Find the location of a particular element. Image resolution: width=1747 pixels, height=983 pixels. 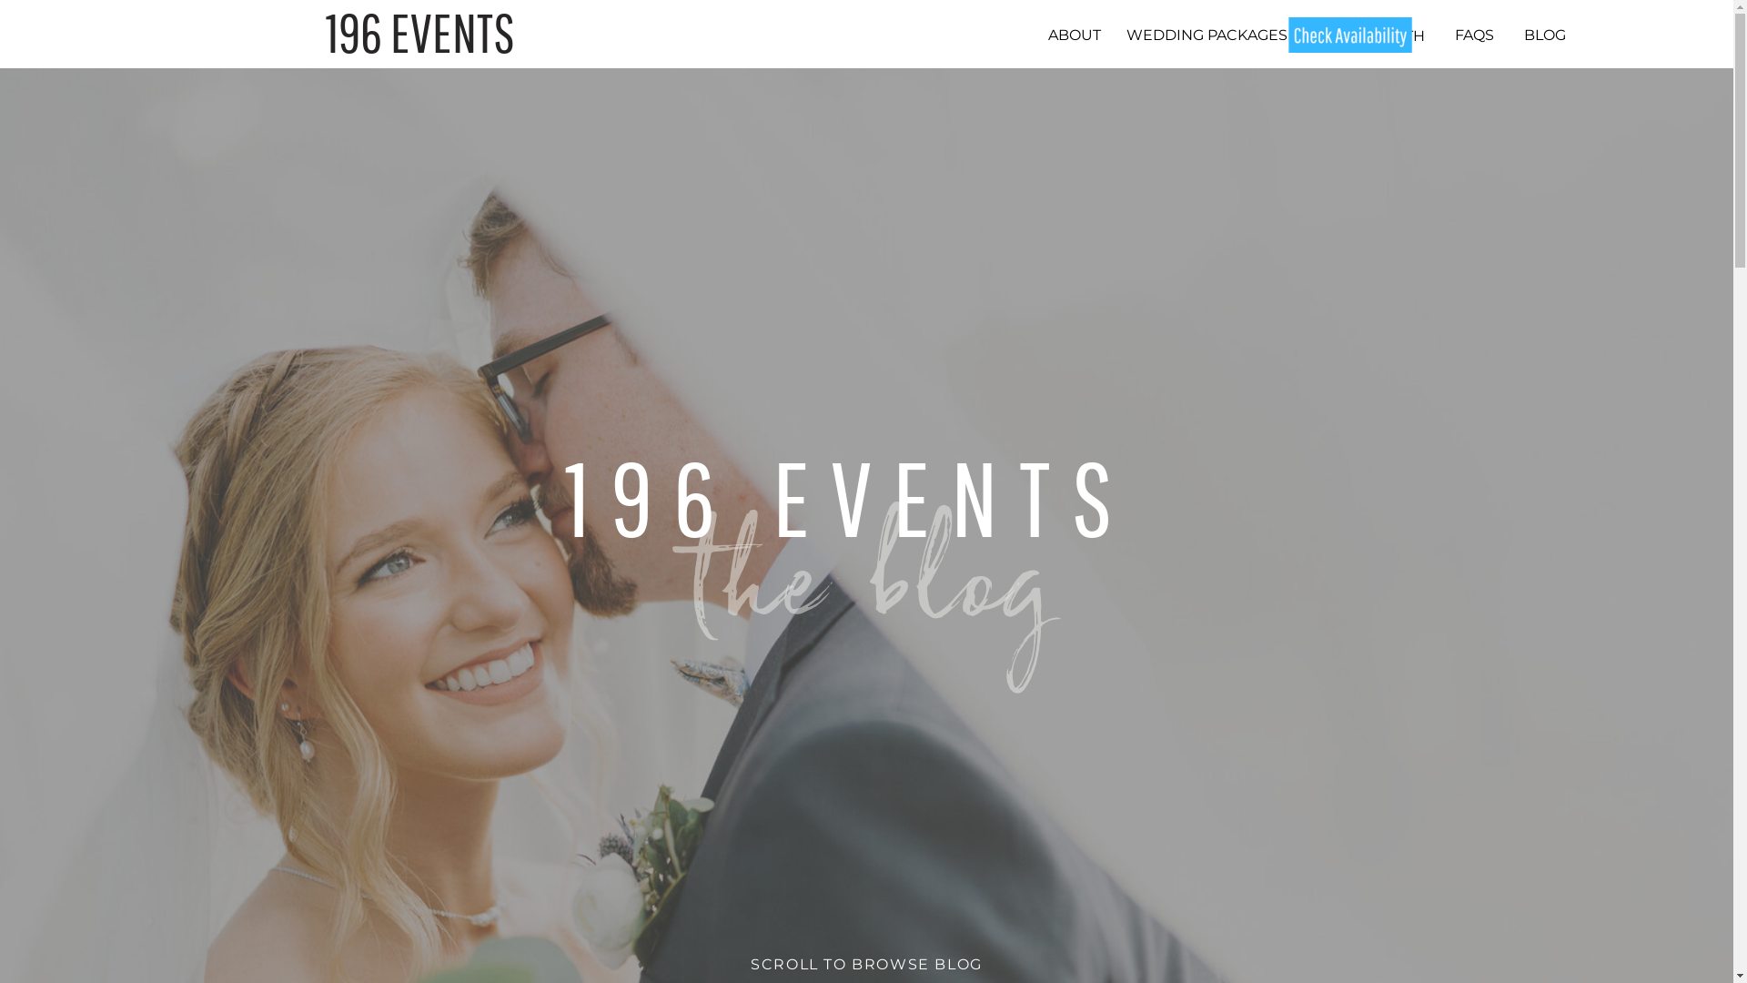

'196 EVENTS ' is located at coordinates (423, 31).